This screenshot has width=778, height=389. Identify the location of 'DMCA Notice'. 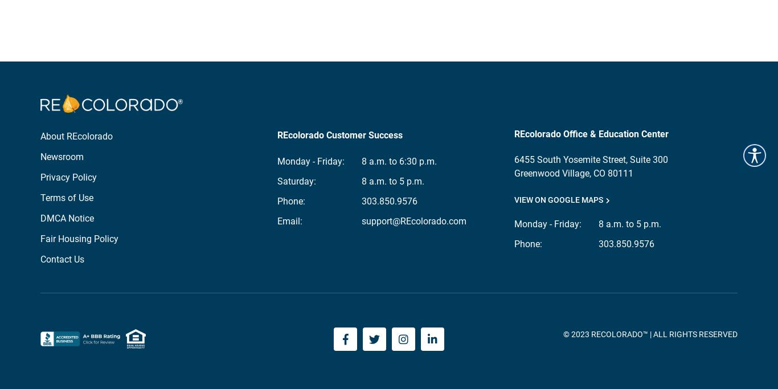
(40, 217).